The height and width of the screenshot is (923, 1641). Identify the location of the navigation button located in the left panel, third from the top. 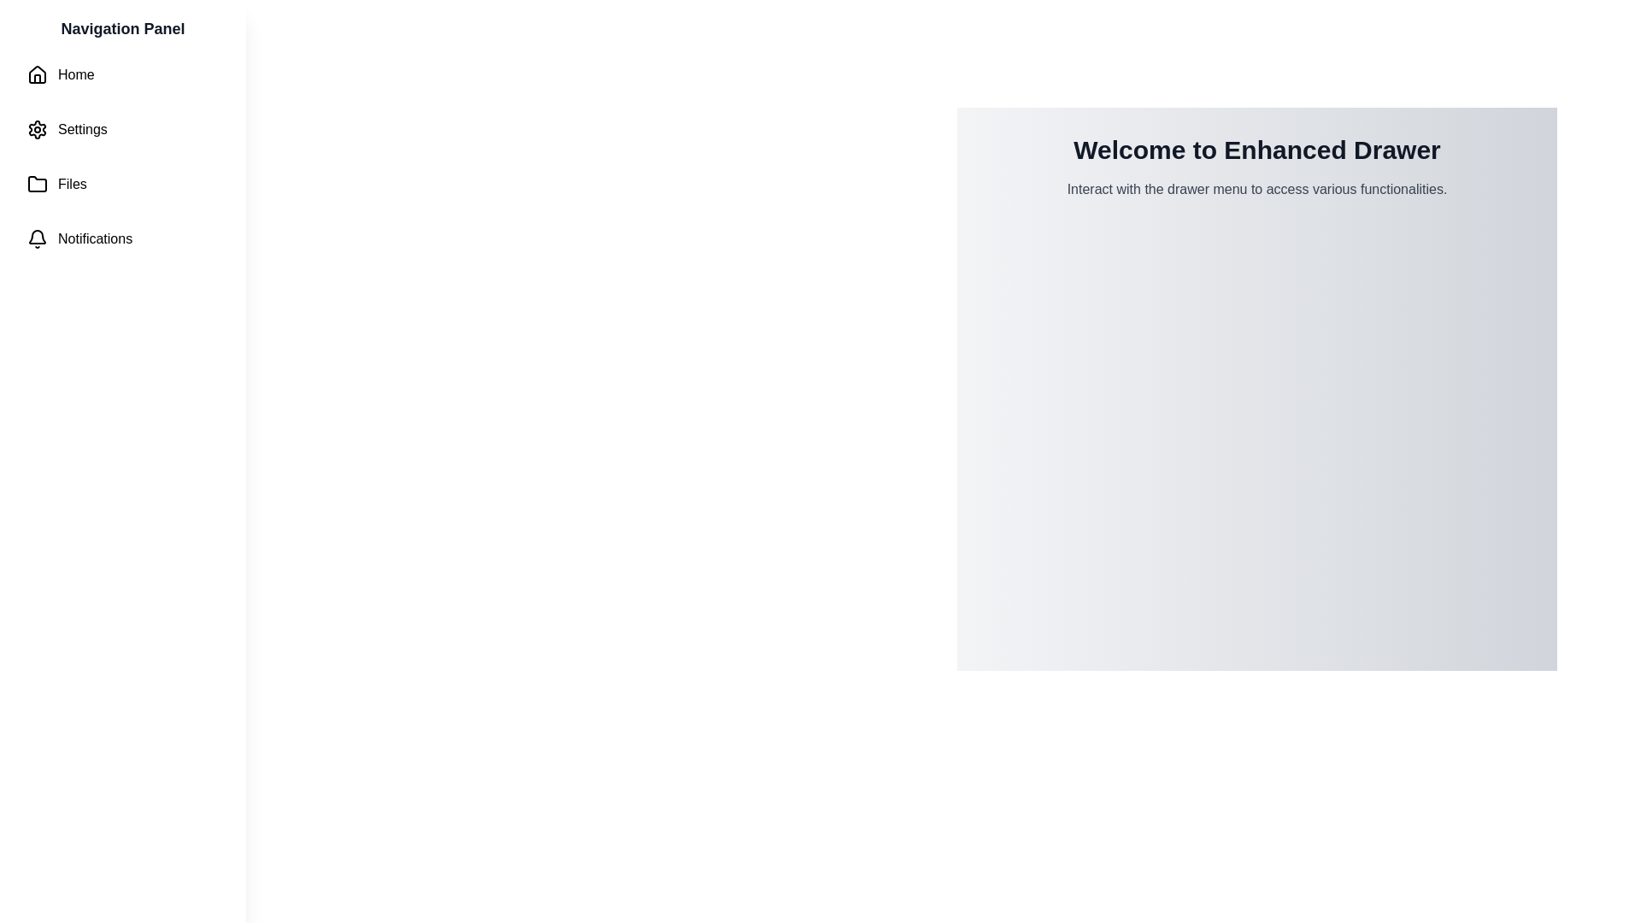
(122, 185).